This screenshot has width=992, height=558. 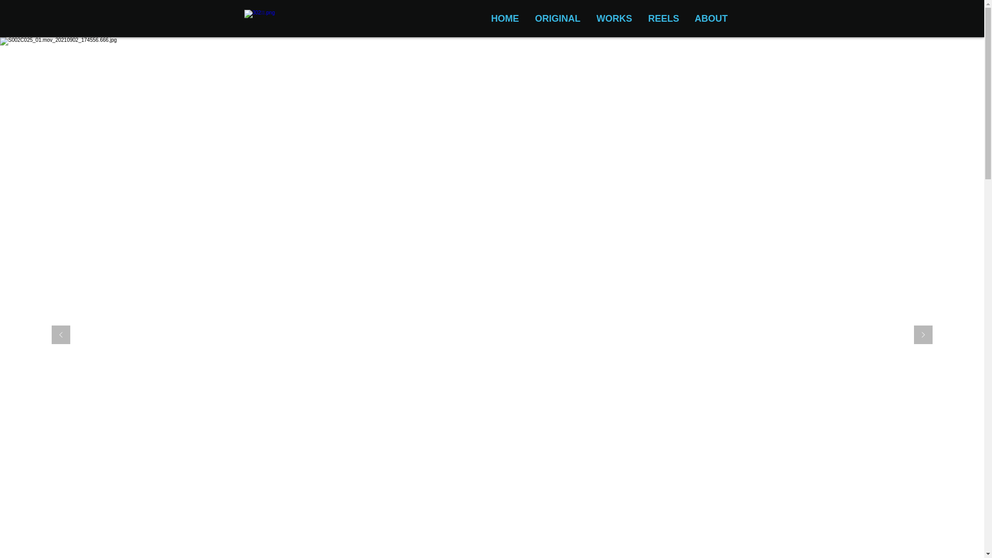 I want to click on 'REELS', so click(x=639, y=19).